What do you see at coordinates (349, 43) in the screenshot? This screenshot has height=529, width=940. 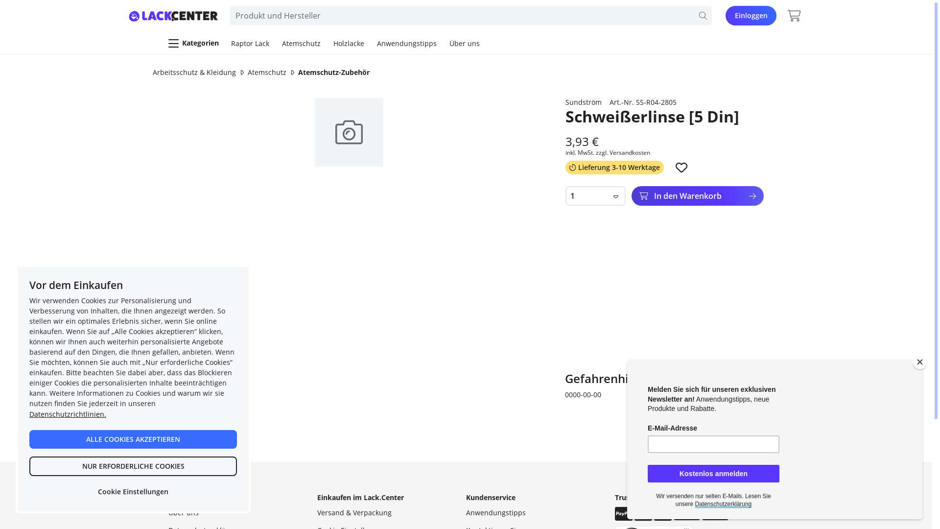 I see `'Holzlacke'` at bounding box center [349, 43].